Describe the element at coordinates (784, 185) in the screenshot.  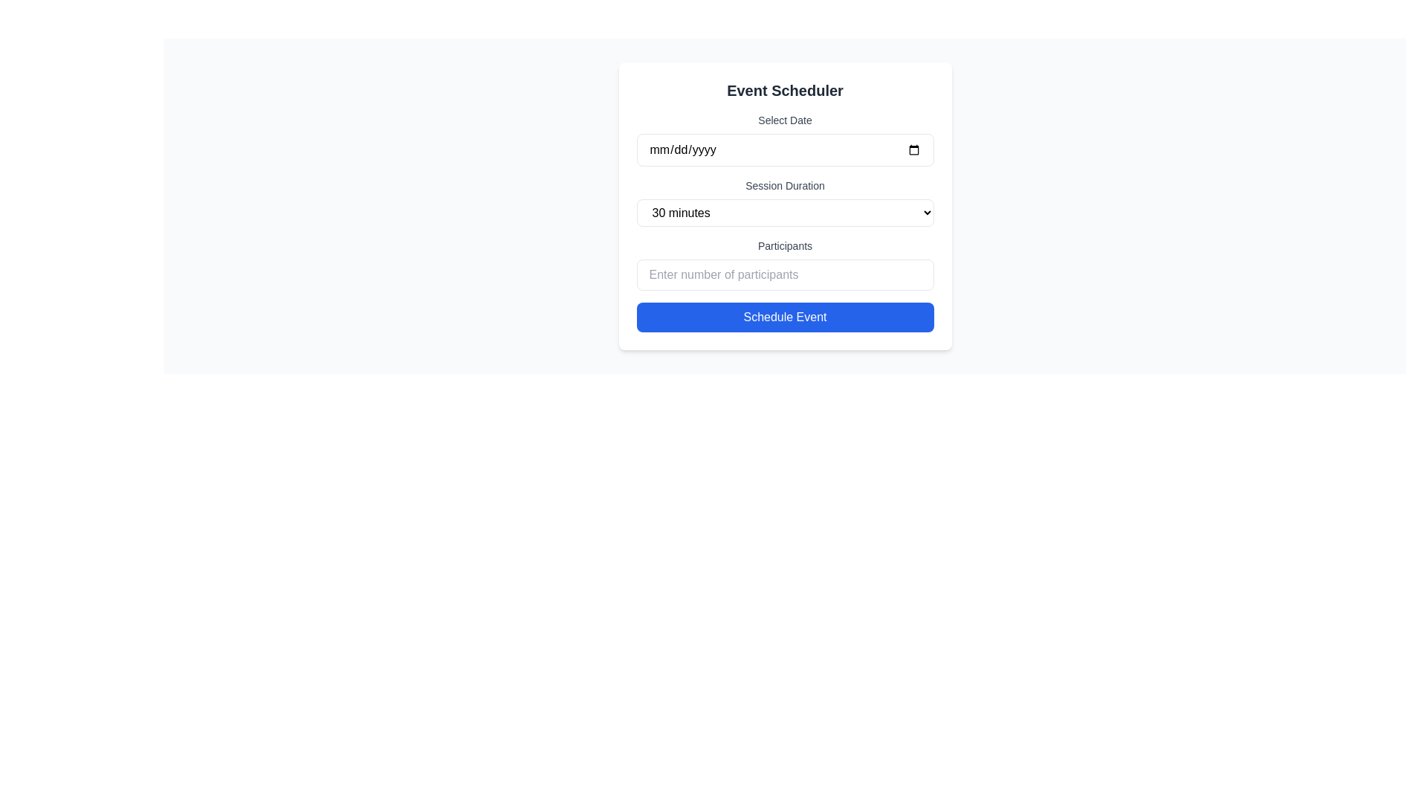
I see `the non-interactive text label stating 'Session Duration' which is styled with a small, bold, gray font and is positioned above a dropdown menu` at that location.